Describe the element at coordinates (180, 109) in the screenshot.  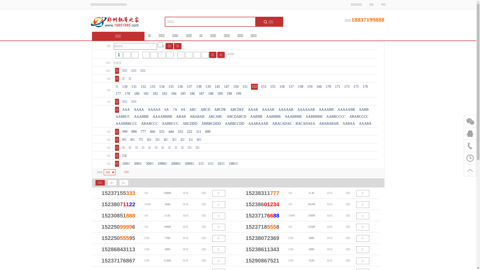
I see `'8A'` at that location.